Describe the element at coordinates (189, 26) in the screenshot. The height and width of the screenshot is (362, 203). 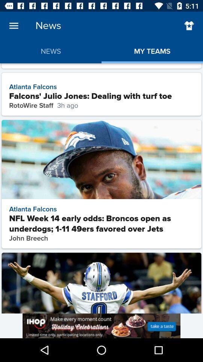
I see `go back` at that location.